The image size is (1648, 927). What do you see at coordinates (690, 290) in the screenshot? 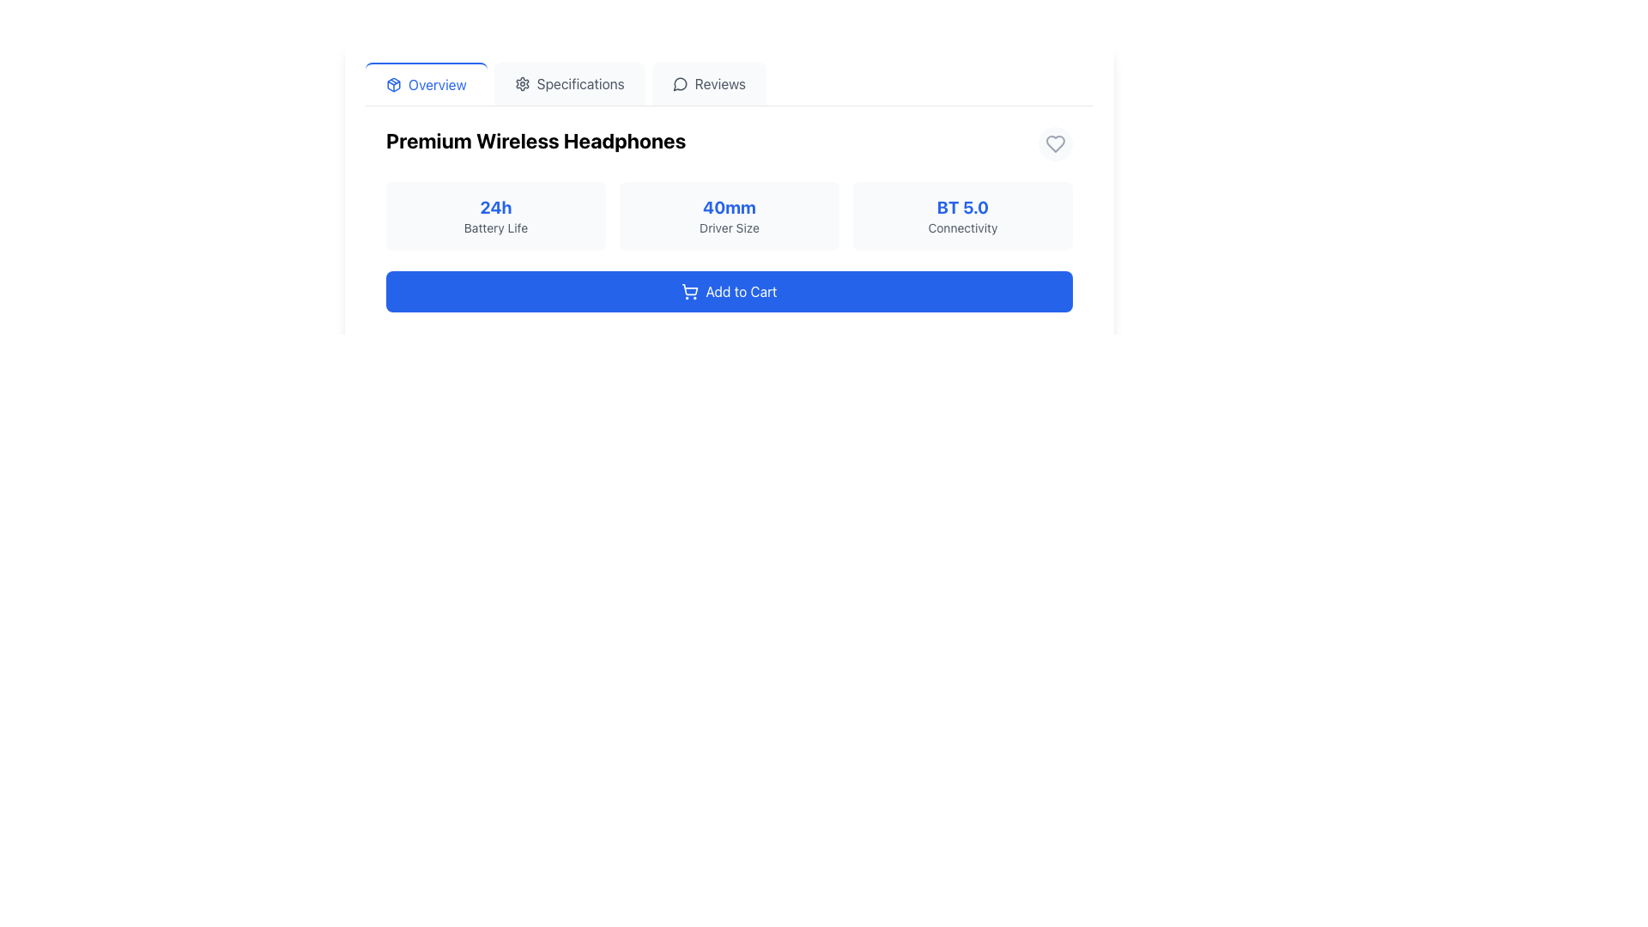
I see `the shopping cart icon located on the left side of the 'Add to Cart' button, which visually complements the button's functionality` at bounding box center [690, 290].